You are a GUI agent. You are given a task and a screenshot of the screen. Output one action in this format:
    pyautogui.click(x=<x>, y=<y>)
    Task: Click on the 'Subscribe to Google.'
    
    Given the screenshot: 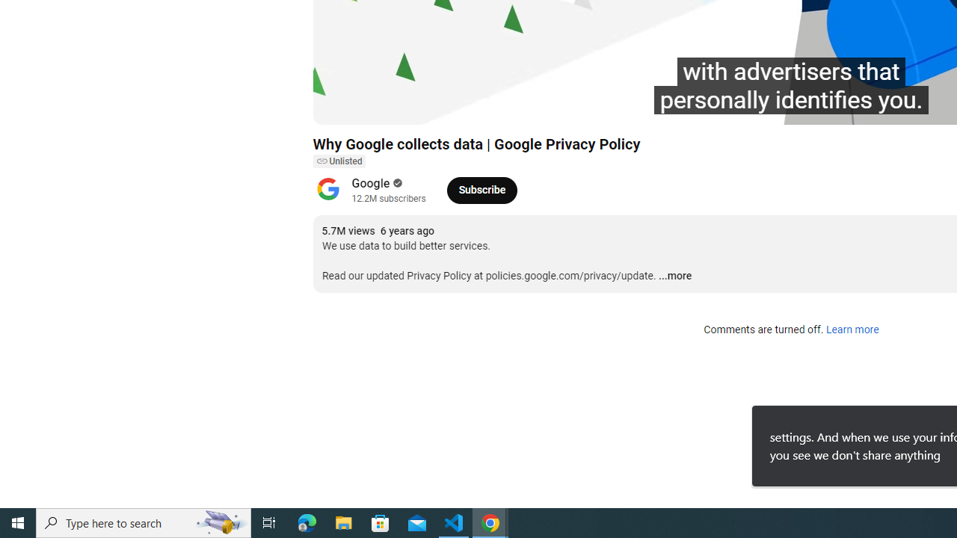 What is the action you would take?
    pyautogui.click(x=481, y=189)
    